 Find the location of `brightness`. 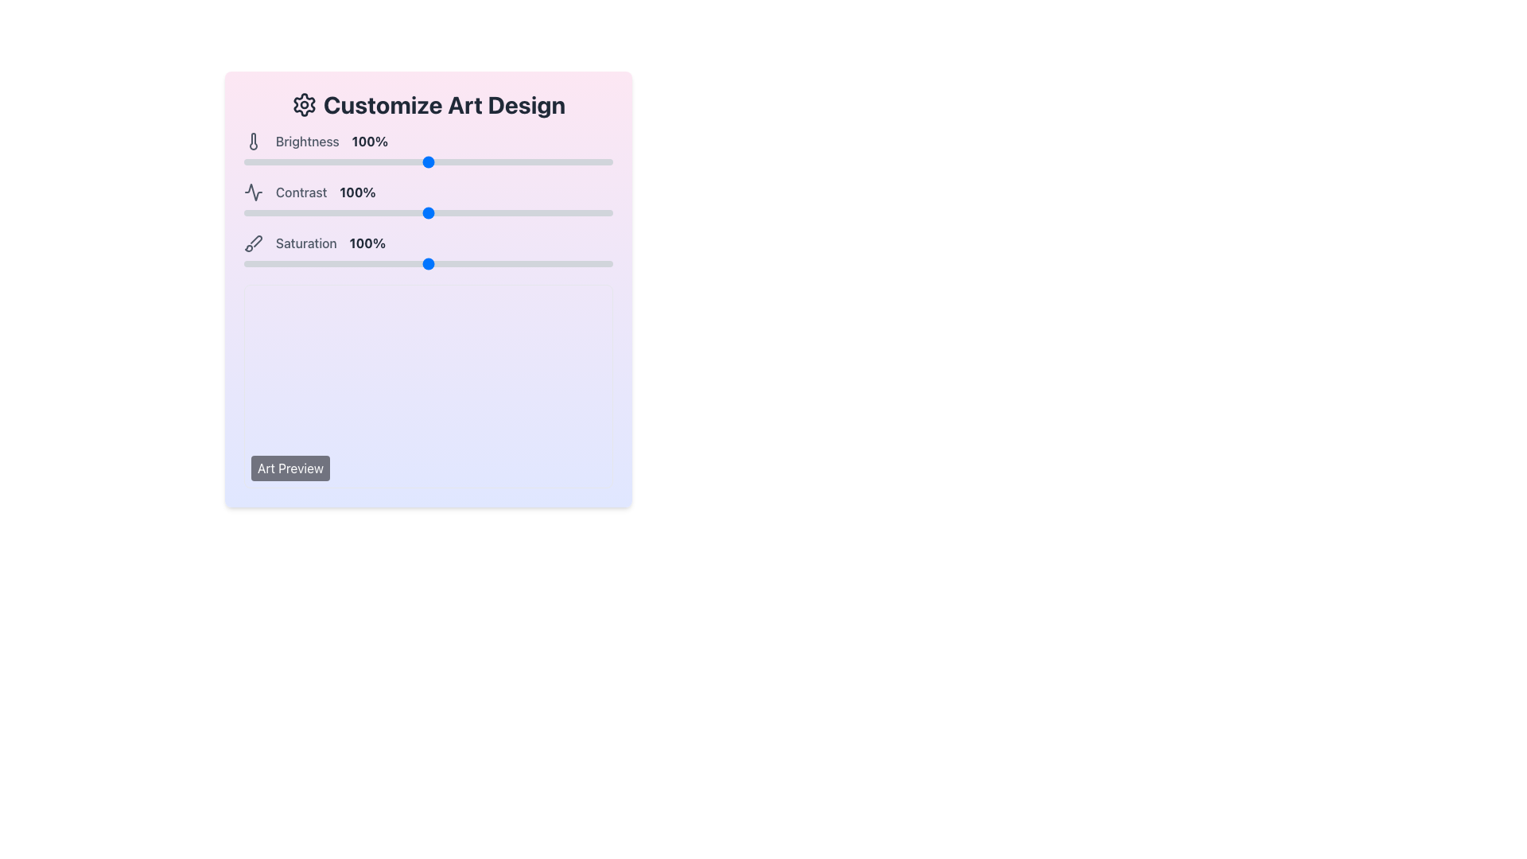

brightness is located at coordinates (552, 162).